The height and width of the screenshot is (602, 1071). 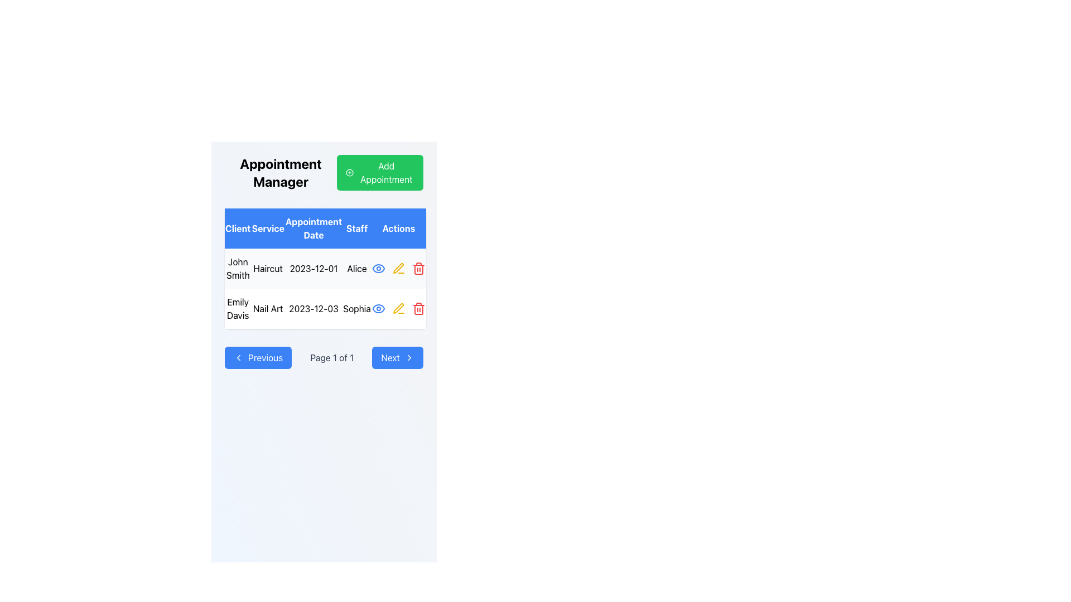 I want to click on the pencil-shaped icon with a yellow outline in the 'Actions' column next to 'Emily Davis', so click(x=398, y=268).